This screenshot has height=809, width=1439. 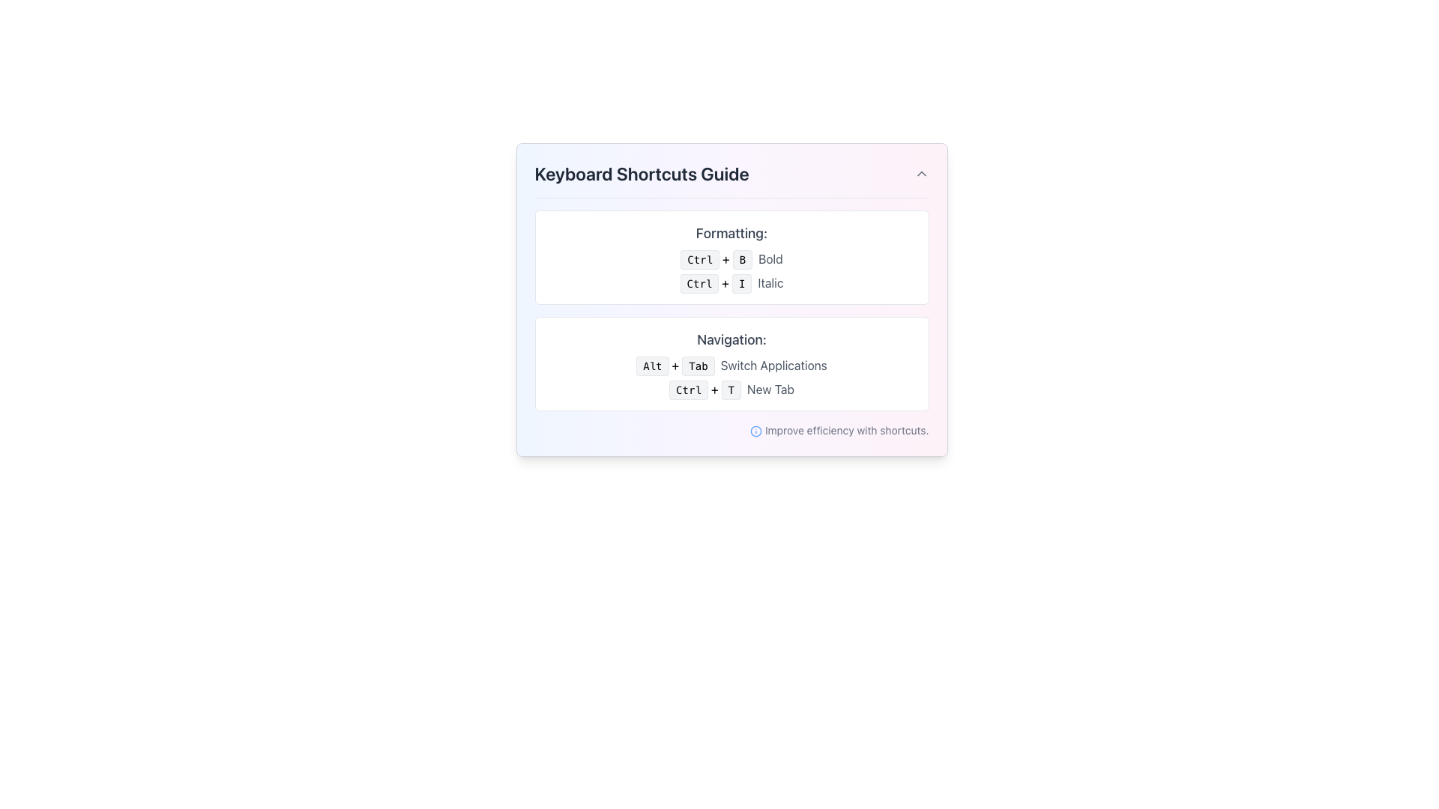 I want to click on information displayed on the informational card about keyboard shortcuts for formatting and navigation, which is located in the middle-top part of the layout and has a colorful background, so click(x=731, y=300).